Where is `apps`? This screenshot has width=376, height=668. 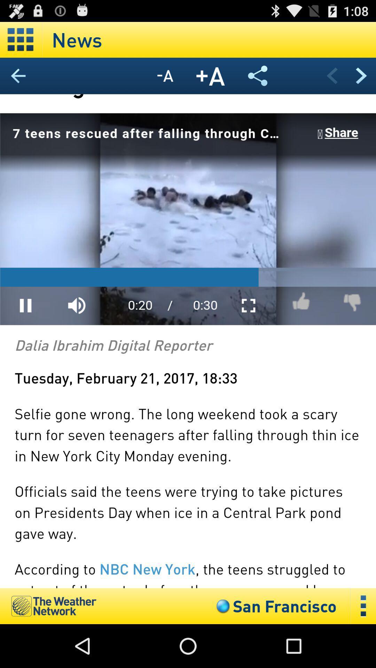 apps is located at coordinates (21, 39).